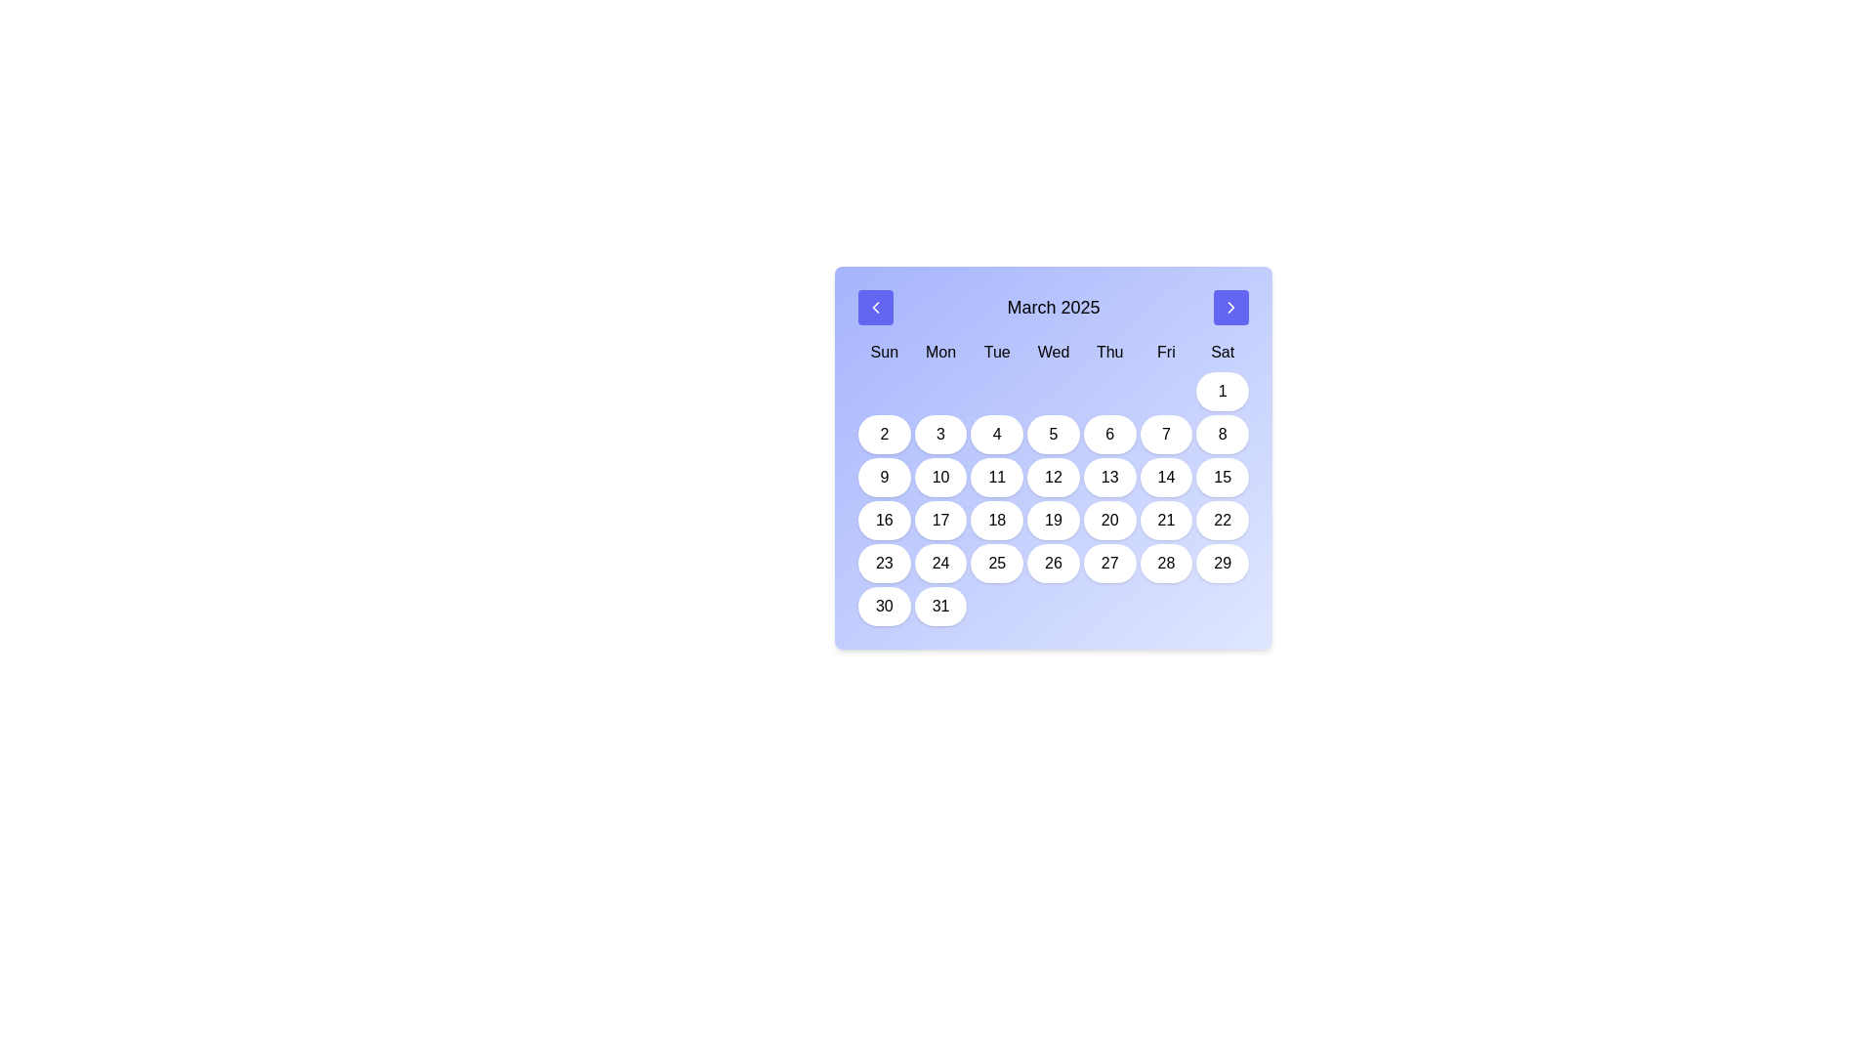  What do you see at coordinates (997, 564) in the screenshot?
I see `the date button for the 25th day of the month located in the sixth row and third column of the calendar layout` at bounding box center [997, 564].